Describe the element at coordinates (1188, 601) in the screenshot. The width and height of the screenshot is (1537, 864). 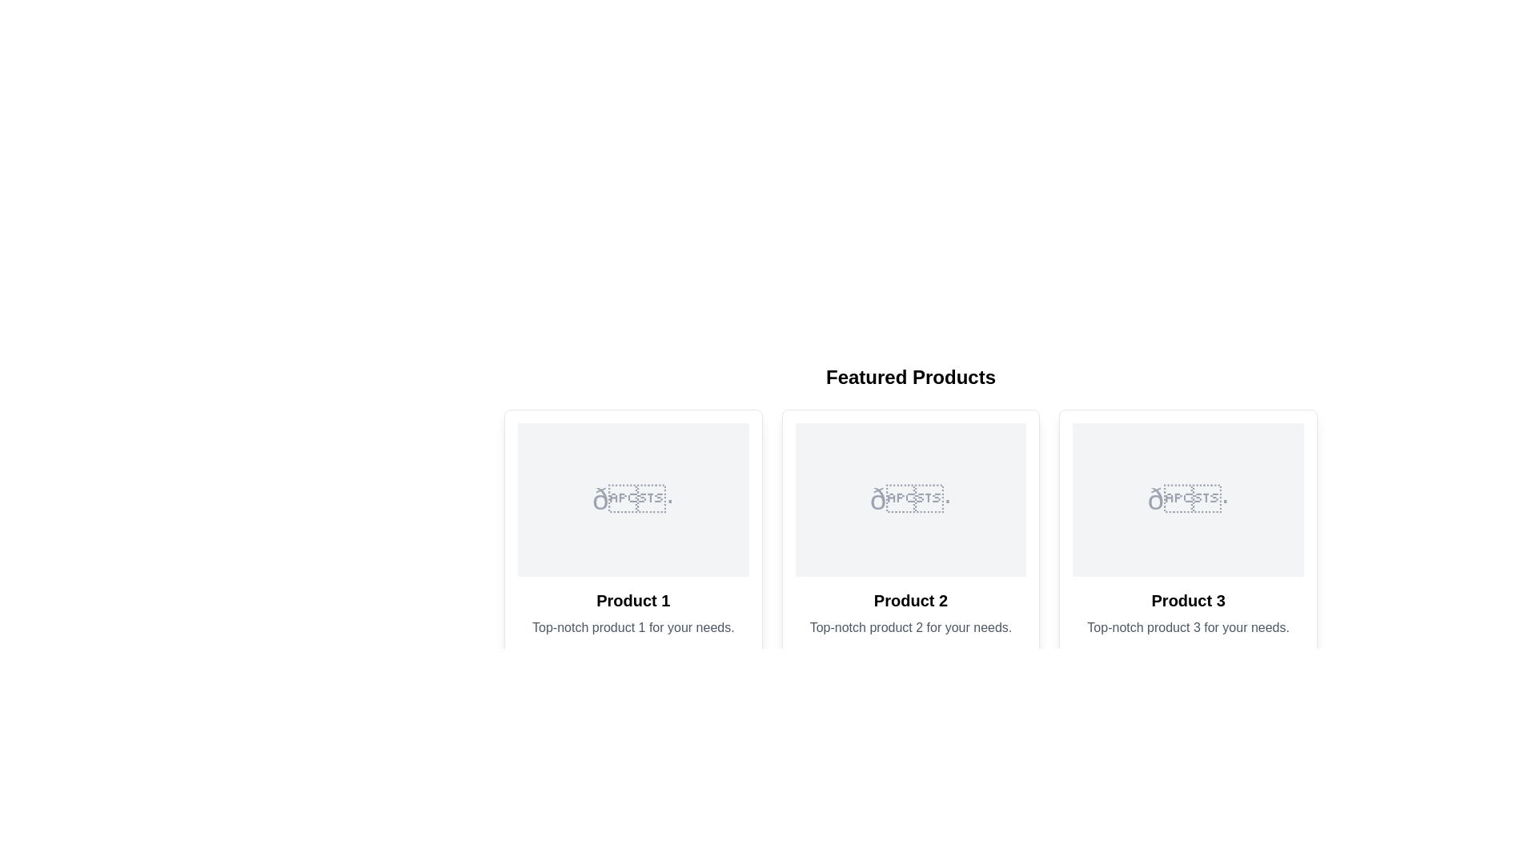
I see `the text label that serves as the title or name for the product being featured, which is the third item in a horizontally aligned list of product details` at that location.